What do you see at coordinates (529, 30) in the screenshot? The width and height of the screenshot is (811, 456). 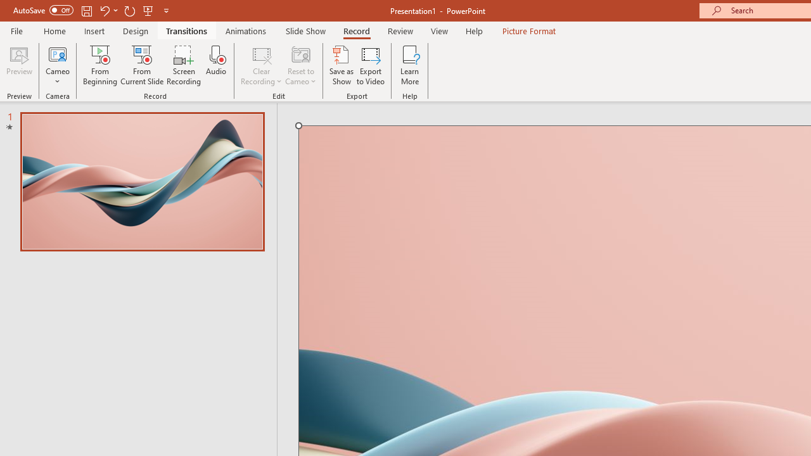 I see `'Picture Format'` at bounding box center [529, 30].